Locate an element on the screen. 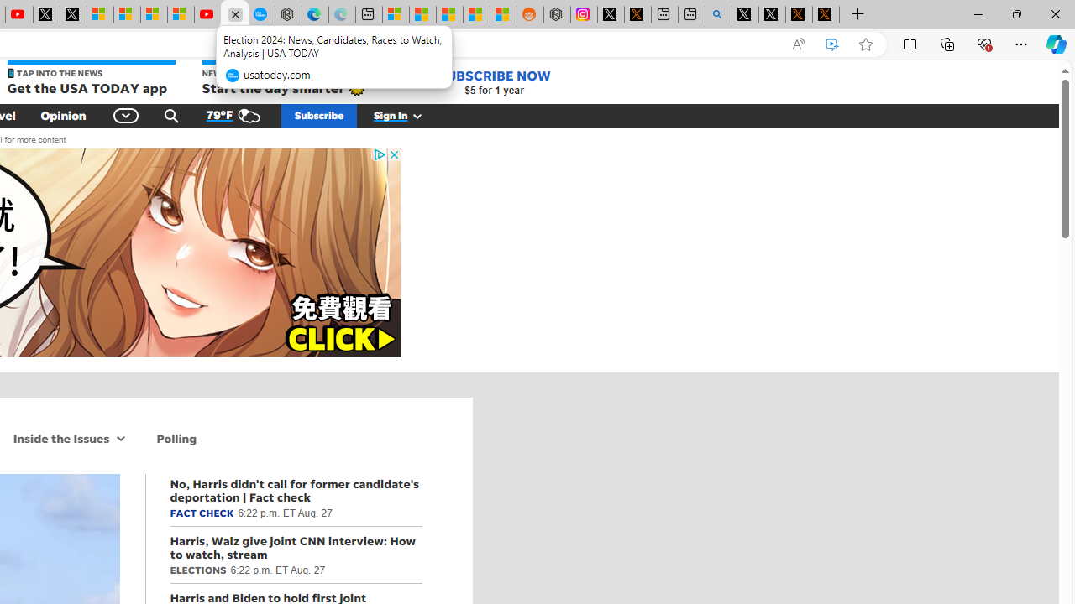  'Shanghai, China Weather trends | Microsoft Weather' is located at coordinates (502, 14).